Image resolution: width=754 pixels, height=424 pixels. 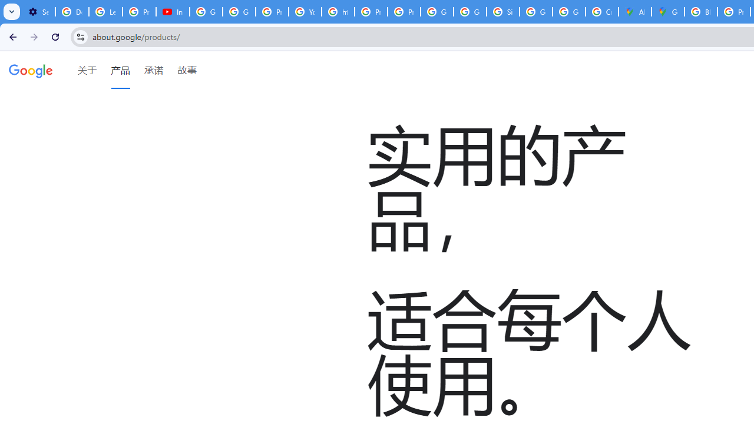 I want to click on 'Sign in - Google Accounts', so click(x=502, y=12).